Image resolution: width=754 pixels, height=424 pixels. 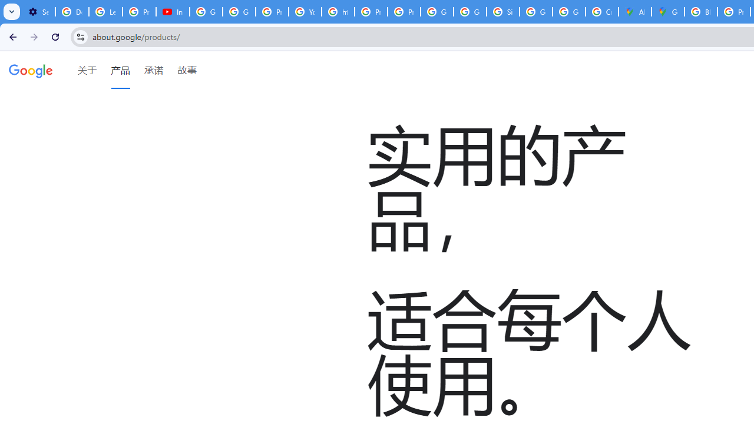 I want to click on 'Sign in - Google Accounts', so click(x=502, y=12).